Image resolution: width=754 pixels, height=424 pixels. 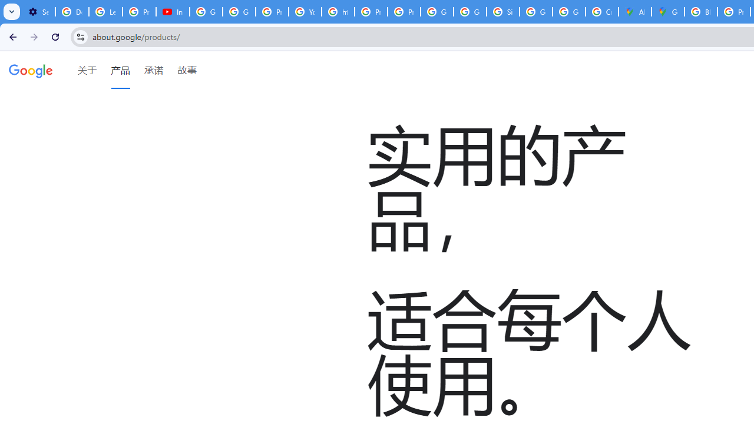 I want to click on 'Sign in - Google Accounts', so click(x=502, y=12).